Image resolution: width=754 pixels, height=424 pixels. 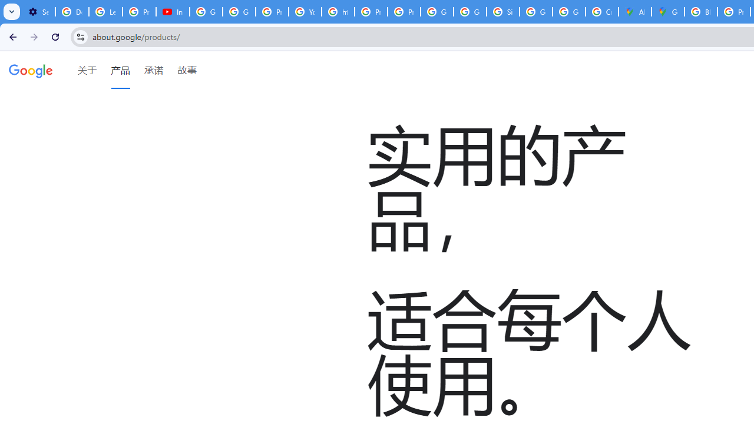 I want to click on 'Sign in - Google Accounts', so click(x=502, y=12).